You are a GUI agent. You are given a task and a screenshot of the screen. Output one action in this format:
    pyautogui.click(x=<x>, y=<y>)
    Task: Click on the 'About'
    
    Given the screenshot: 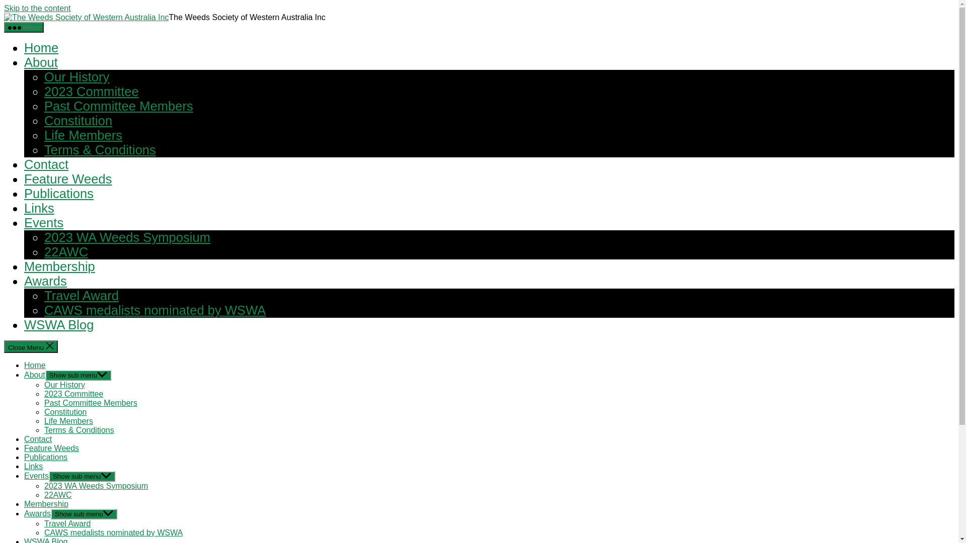 What is the action you would take?
    pyautogui.click(x=40, y=62)
    